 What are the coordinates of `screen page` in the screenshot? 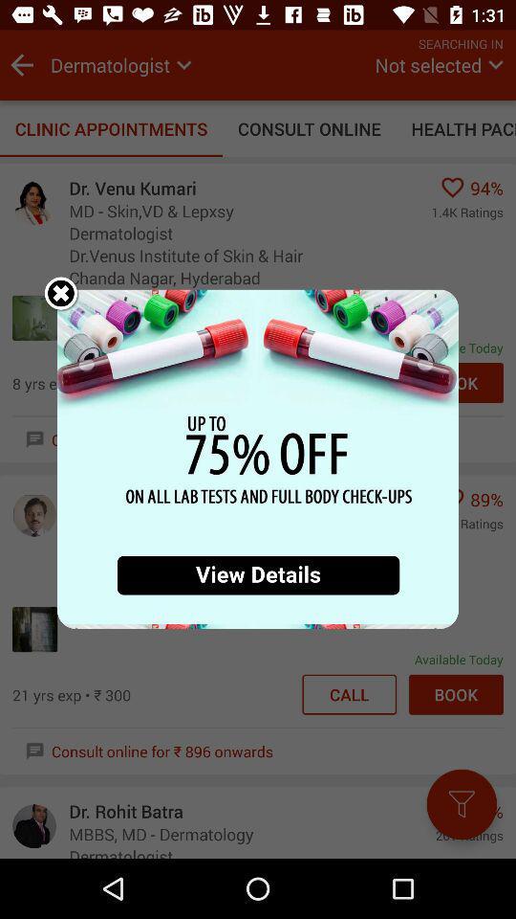 It's located at (258, 459).